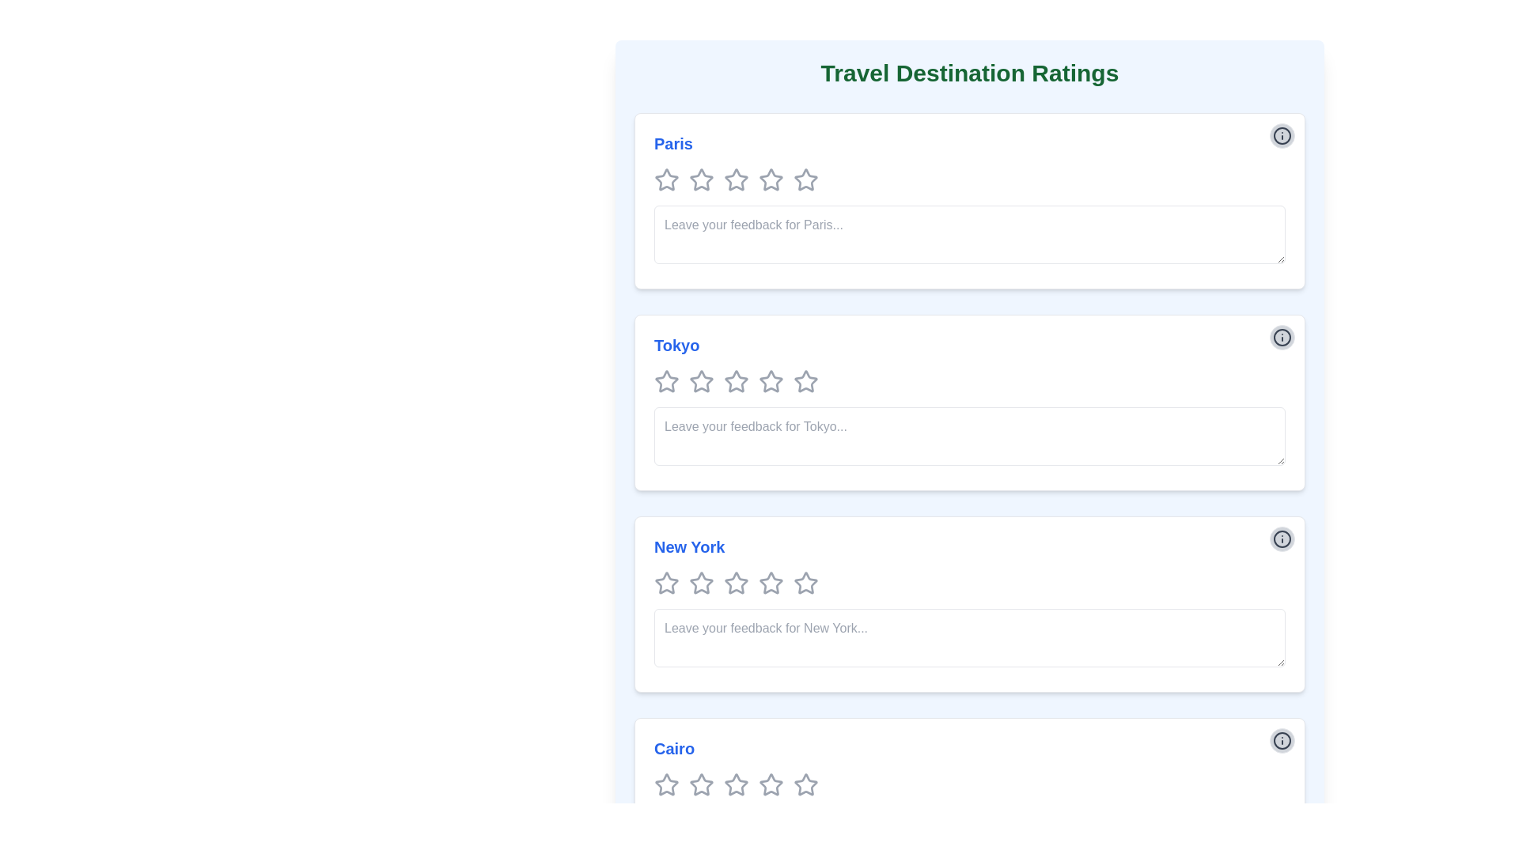  Describe the element at coordinates (1282, 741) in the screenshot. I see `the circular informational button with a light gray background and darker gray border located in the top-right corner of the 'Cairo' card` at that location.